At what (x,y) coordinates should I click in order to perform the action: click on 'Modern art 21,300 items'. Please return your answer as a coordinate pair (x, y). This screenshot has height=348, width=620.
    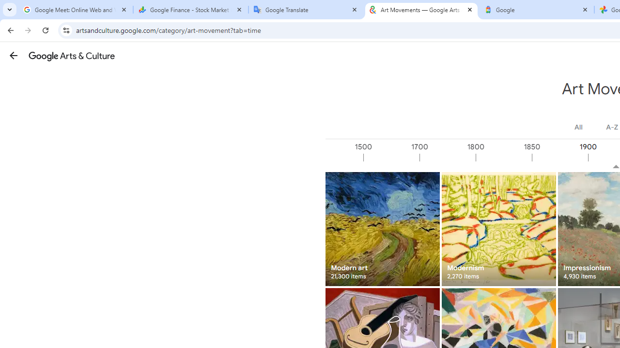
    Looking at the image, I should click on (382, 229).